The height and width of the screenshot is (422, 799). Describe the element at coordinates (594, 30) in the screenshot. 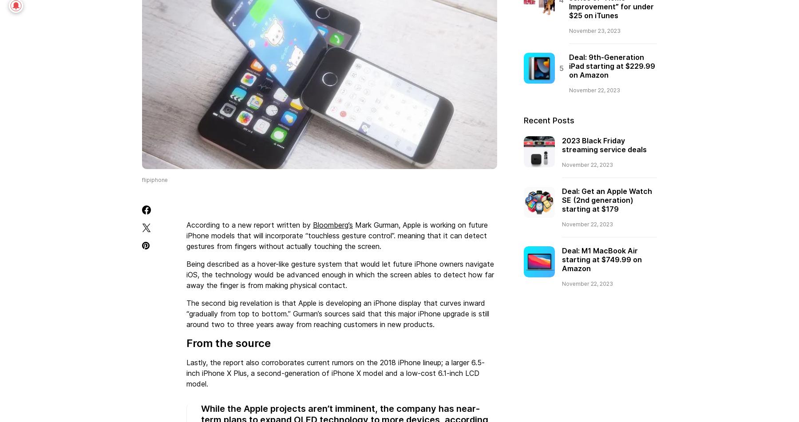

I see `'November 23, 2023'` at that location.